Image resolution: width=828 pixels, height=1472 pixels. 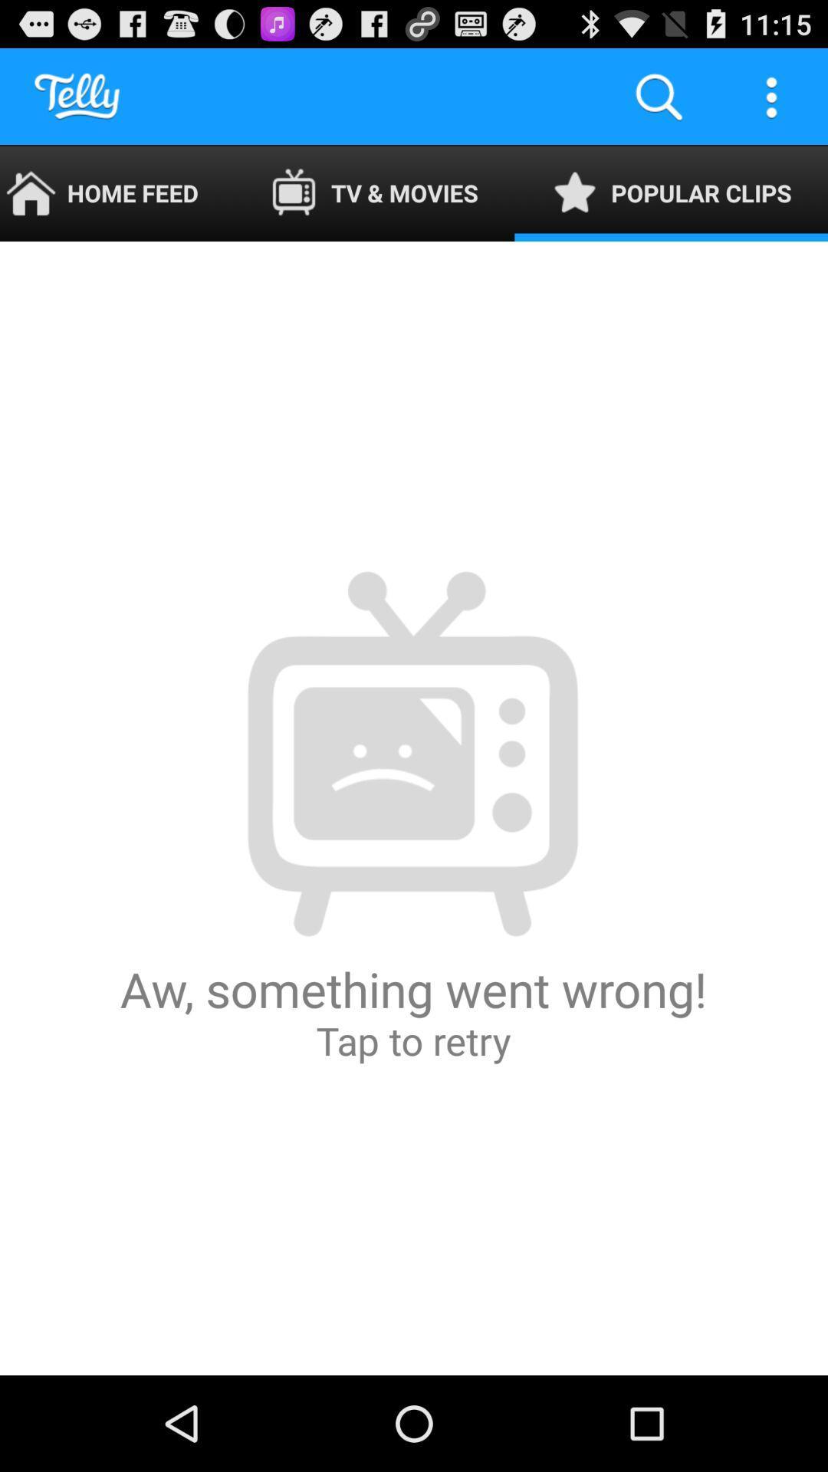 I want to click on home feed icon, so click(x=117, y=192).